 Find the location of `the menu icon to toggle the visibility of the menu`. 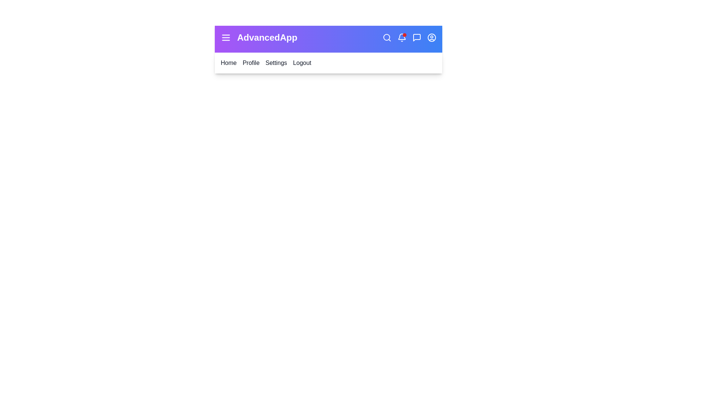

the menu icon to toggle the visibility of the menu is located at coordinates (225, 37).